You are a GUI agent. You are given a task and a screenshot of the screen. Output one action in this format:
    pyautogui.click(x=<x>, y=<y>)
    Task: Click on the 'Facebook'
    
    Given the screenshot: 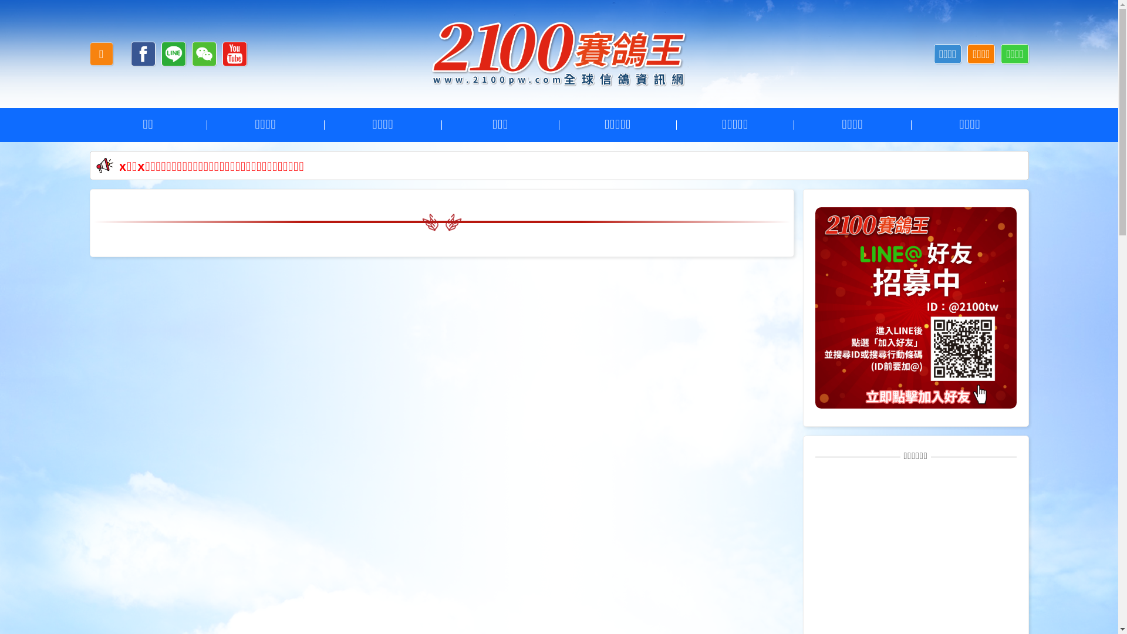 What is the action you would take?
    pyautogui.click(x=143, y=54)
    